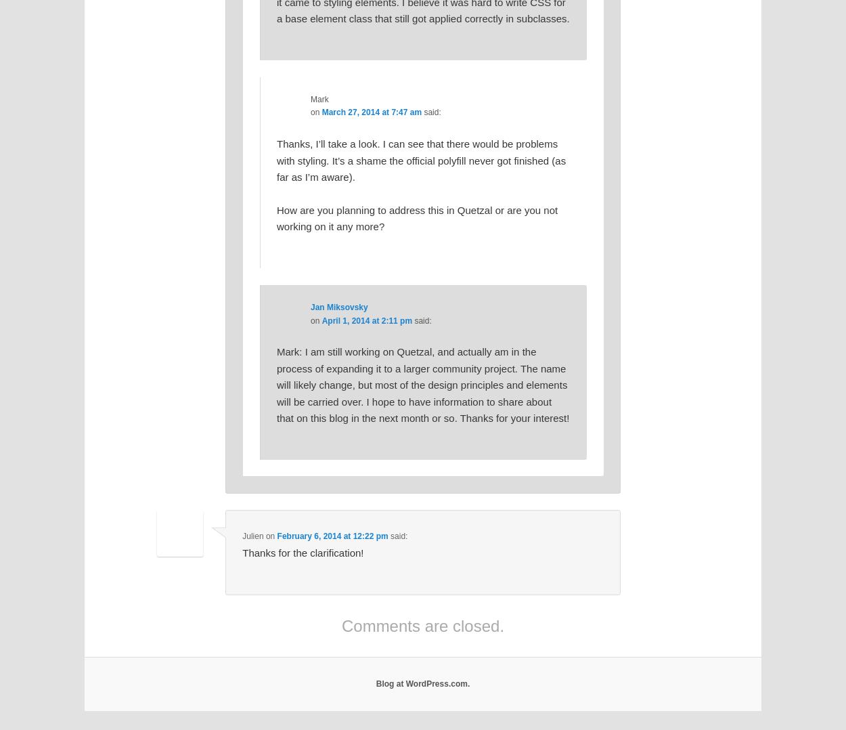 The image size is (846, 730). Describe the element at coordinates (416, 217) in the screenshot. I see `'How are you planning to address this in Quetzal or are you not working on it any more?'` at that location.